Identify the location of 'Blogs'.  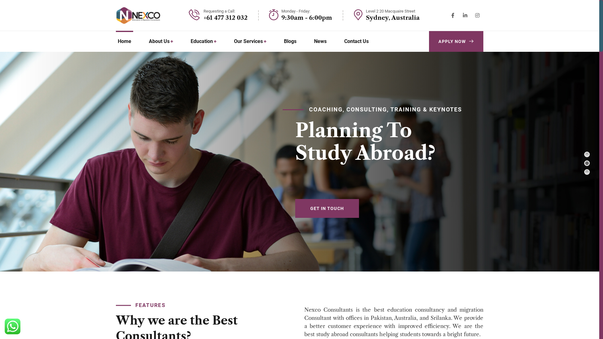
(281, 41).